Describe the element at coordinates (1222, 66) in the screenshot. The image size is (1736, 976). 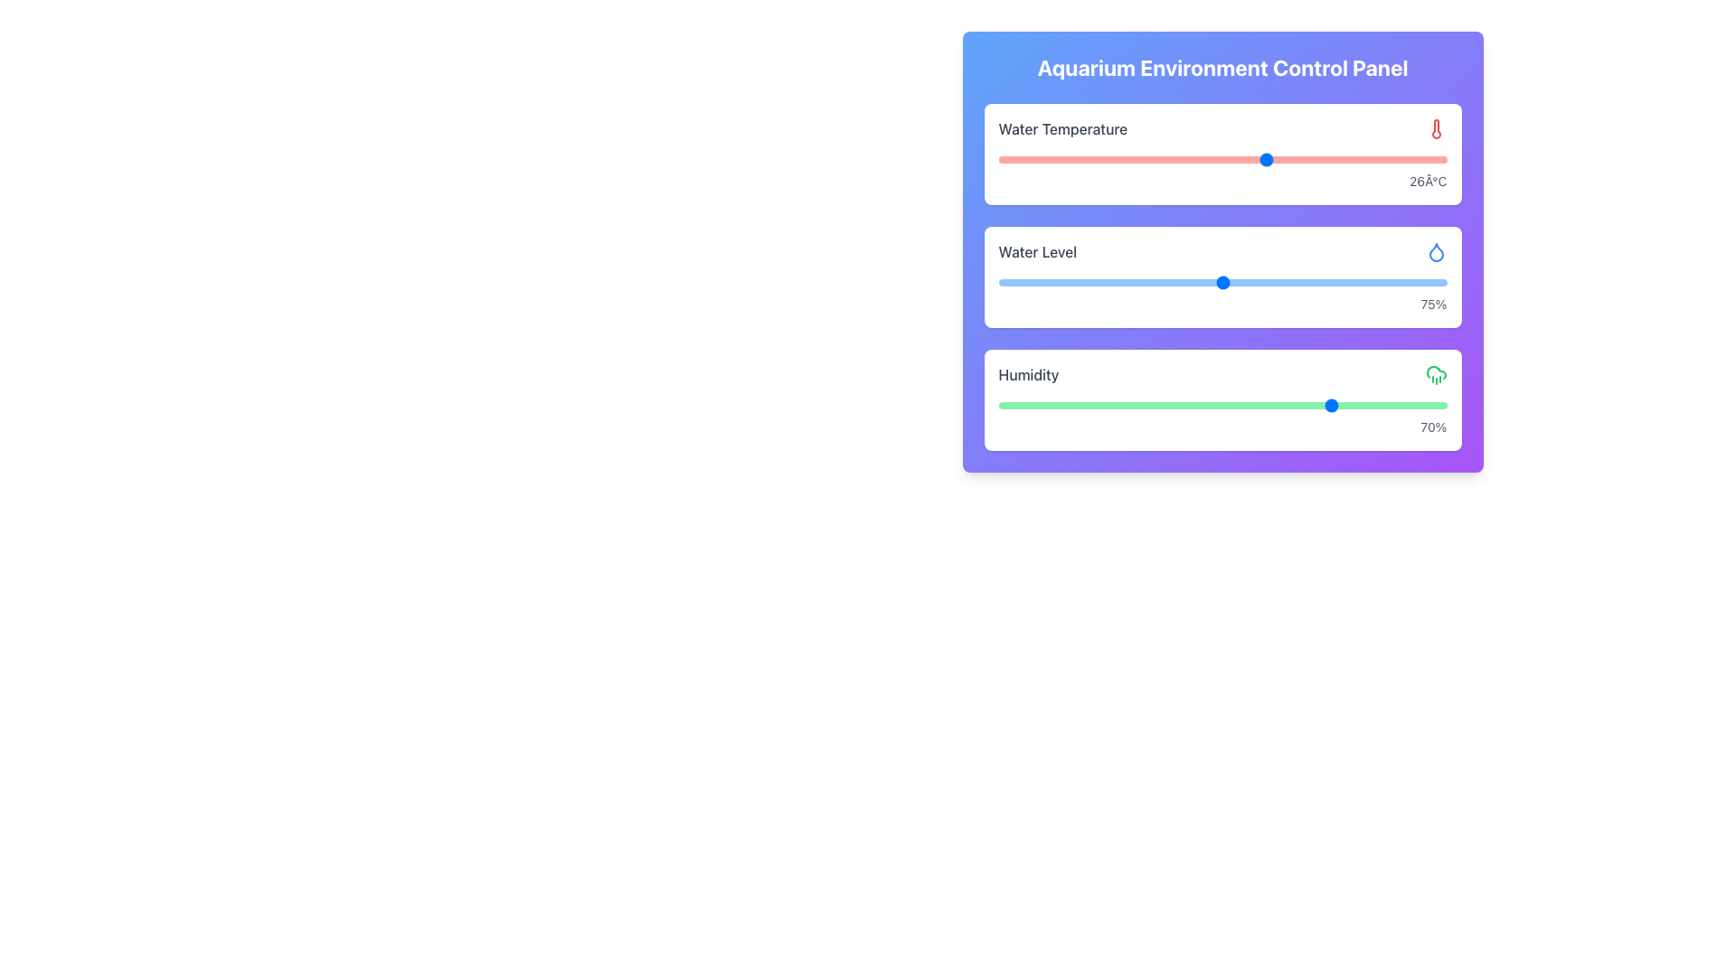
I see `the static text element that serves as the title of the aquarium management control panel, located at the top of the rounded gradient-colored panel` at that location.